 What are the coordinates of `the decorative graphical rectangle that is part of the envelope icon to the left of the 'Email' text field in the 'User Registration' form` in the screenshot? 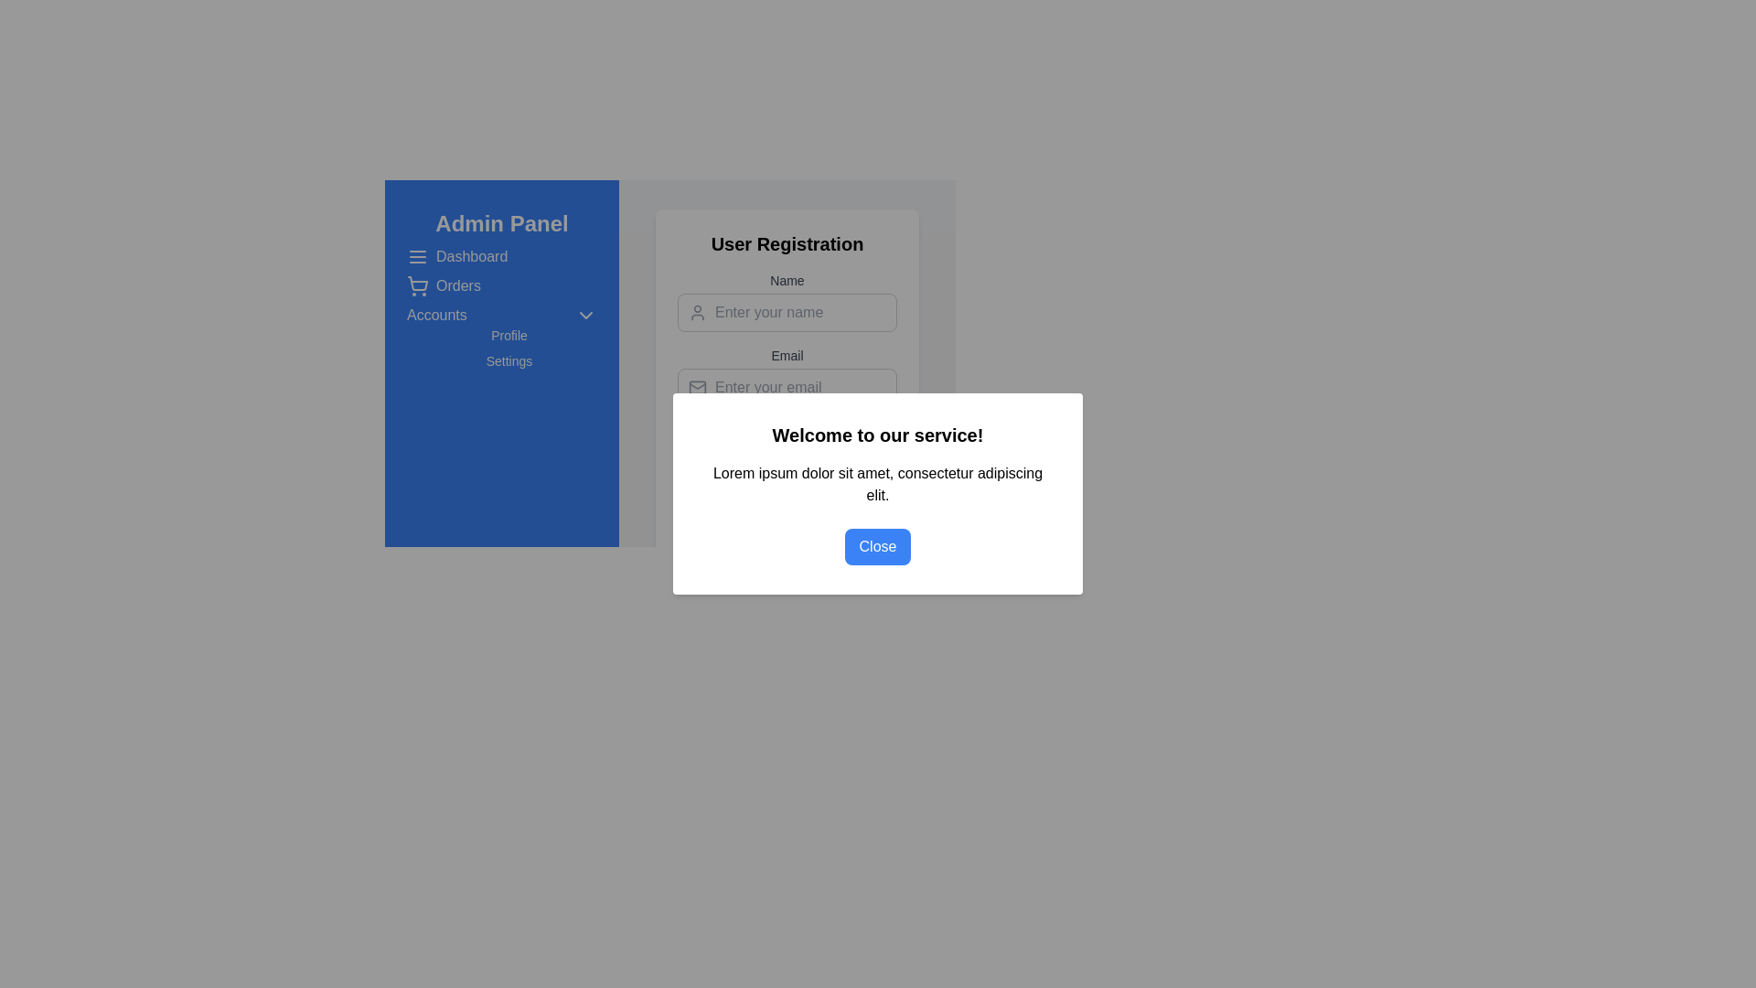 It's located at (697, 387).